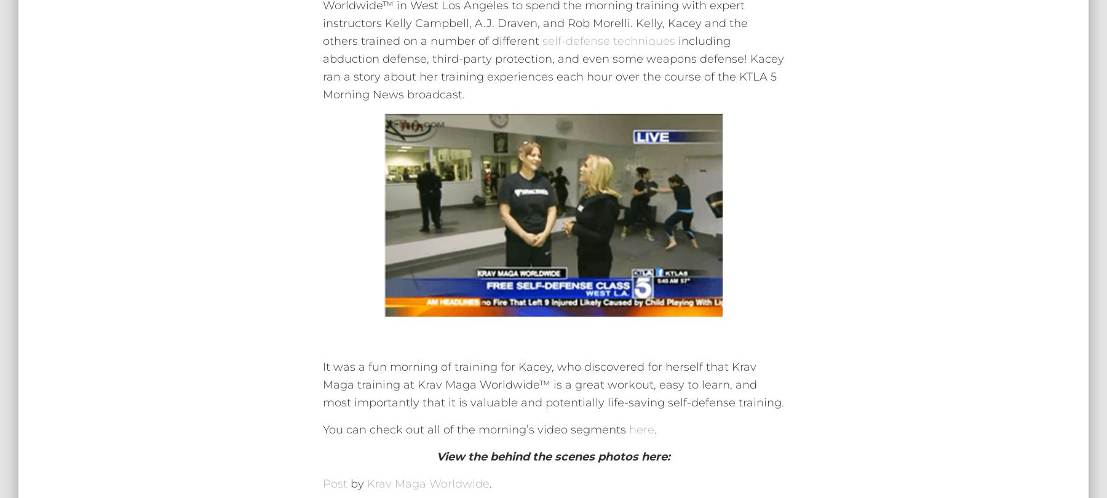 Image resolution: width=1107 pixels, height=498 pixels. Describe the element at coordinates (608, 41) in the screenshot. I see `'self-defense techniques'` at that location.